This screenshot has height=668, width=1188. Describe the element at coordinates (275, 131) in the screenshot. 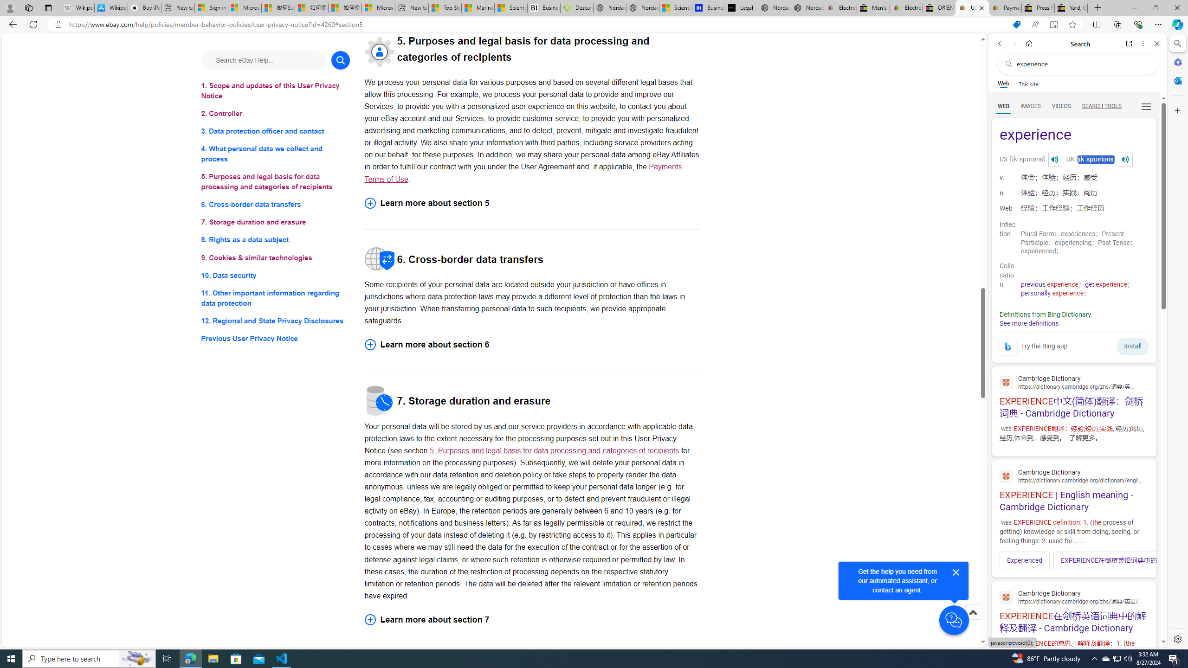

I see `'3. Data protection officer and contact'` at that location.